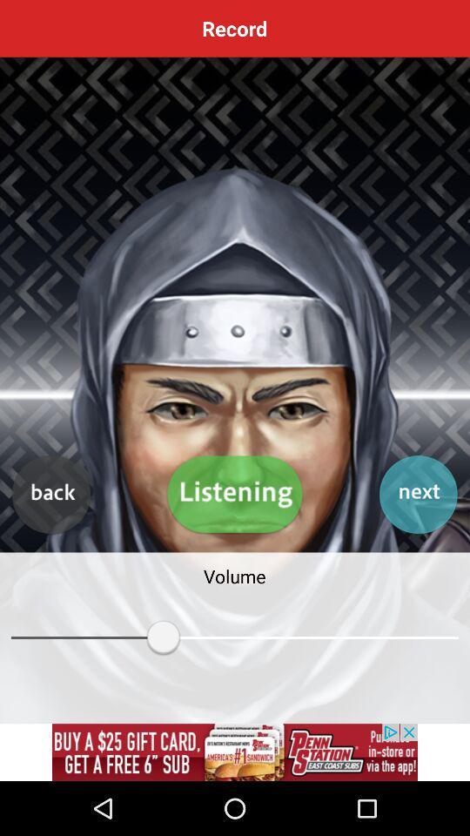  What do you see at coordinates (235, 752) in the screenshot?
I see `advertisement` at bounding box center [235, 752].